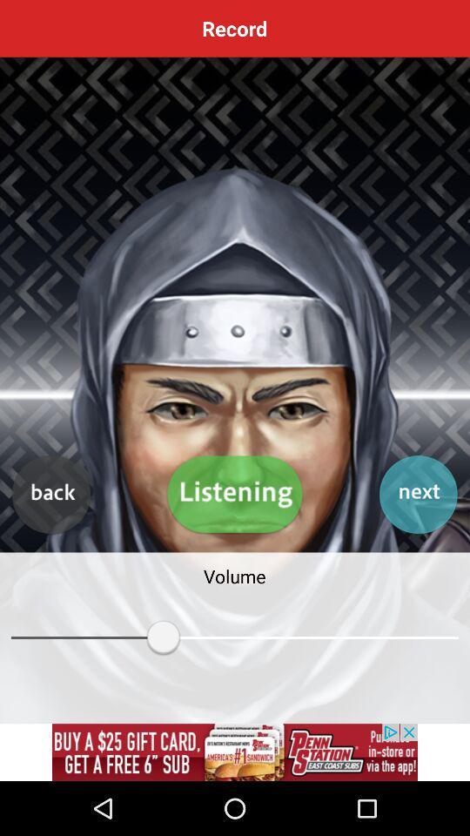  What do you see at coordinates (235, 752) in the screenshot?
I see `advertisement` at bounding box center [235, 752].